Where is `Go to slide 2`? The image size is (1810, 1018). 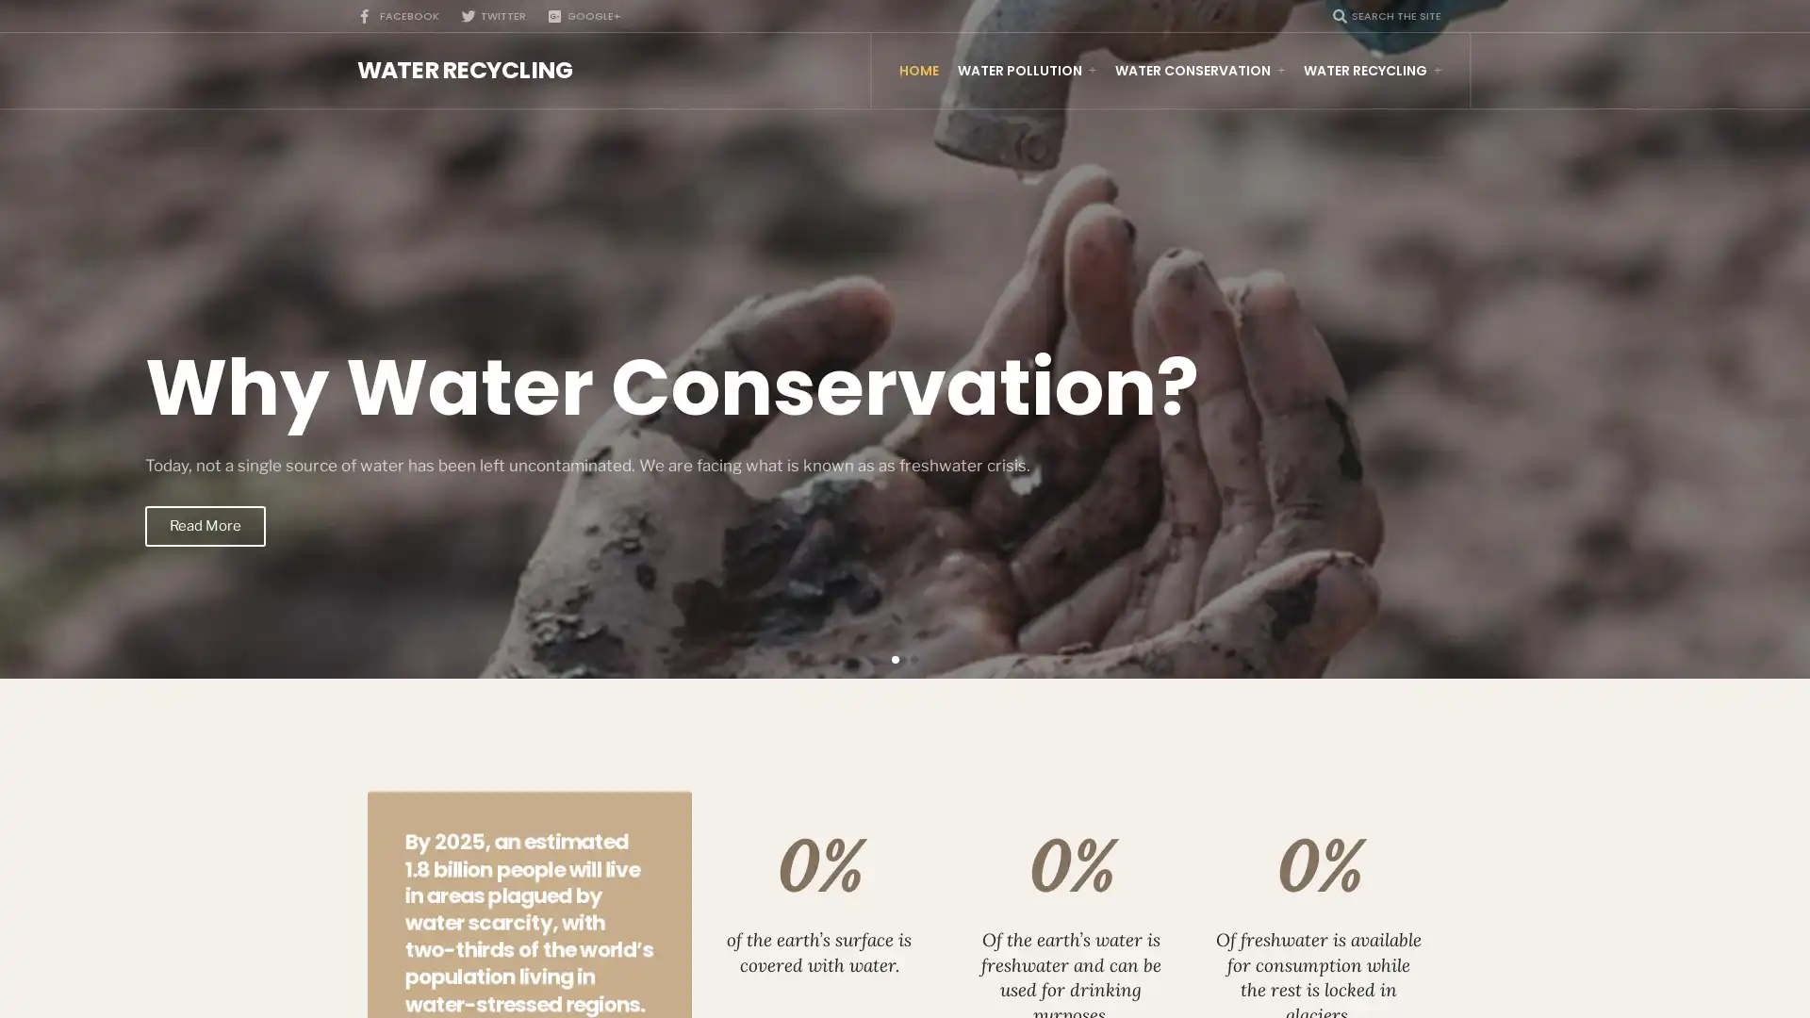
Go to slide 2 is located at coordinates (913, 658).